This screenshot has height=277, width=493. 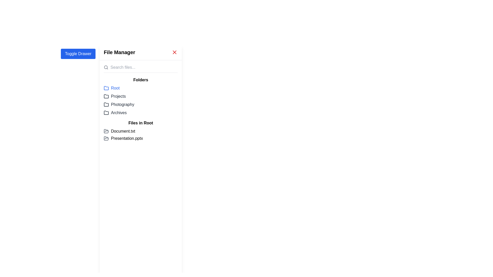 What do you see at coordinates (122, 104) in the screenshot?
I see `the 'Photography' text label associated with the interactive folder` at bounding box center [122, 104].